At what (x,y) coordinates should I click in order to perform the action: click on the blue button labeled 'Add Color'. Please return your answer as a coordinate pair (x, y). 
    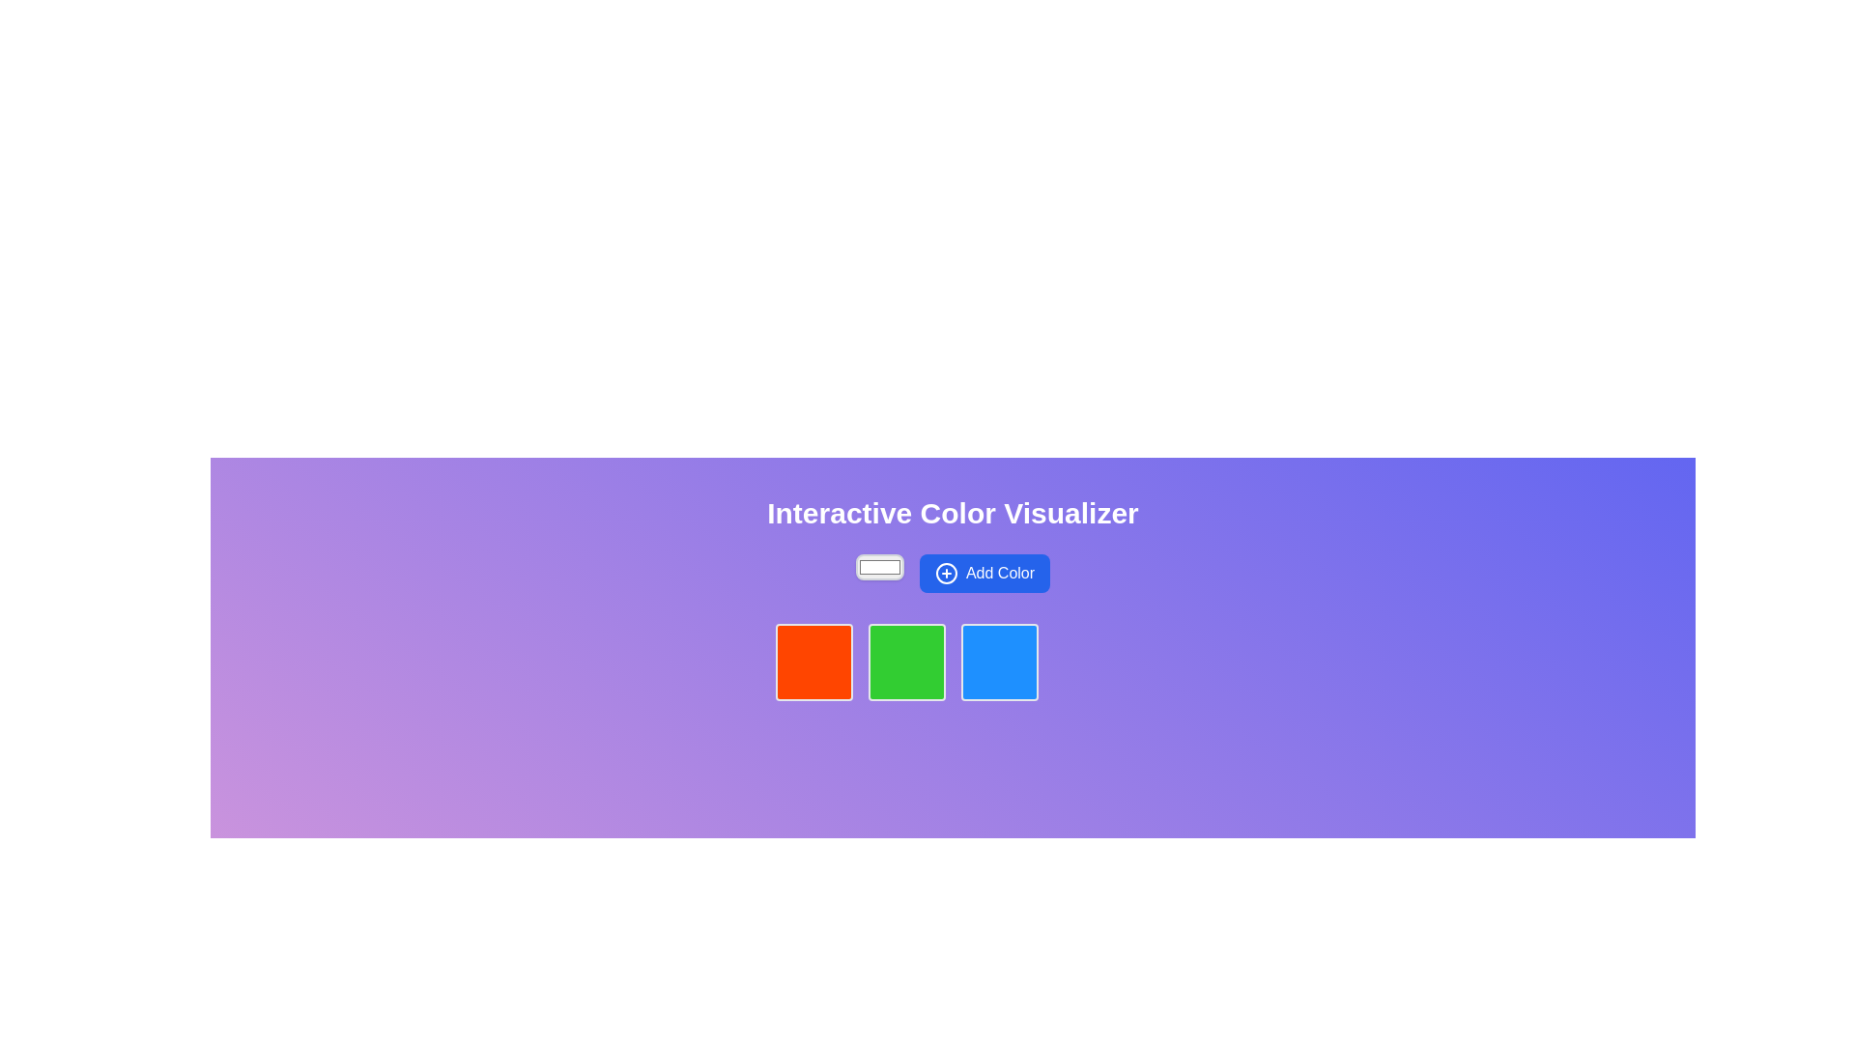
    Looking at the image, I should click on (985, 573).